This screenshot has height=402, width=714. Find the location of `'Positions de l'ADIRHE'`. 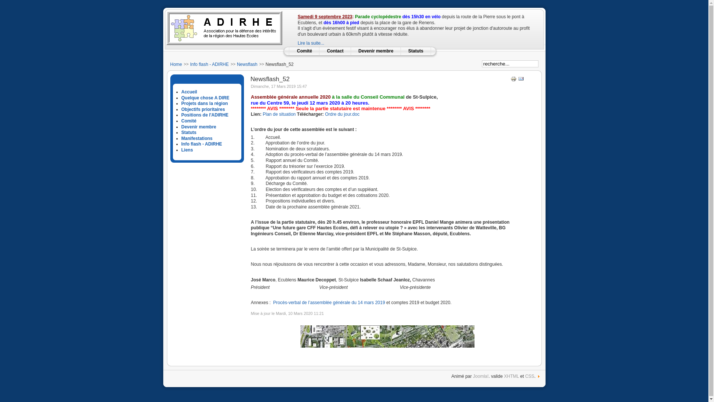

'Positions de l'ADIRHE' is located at coordinates (205, 115).